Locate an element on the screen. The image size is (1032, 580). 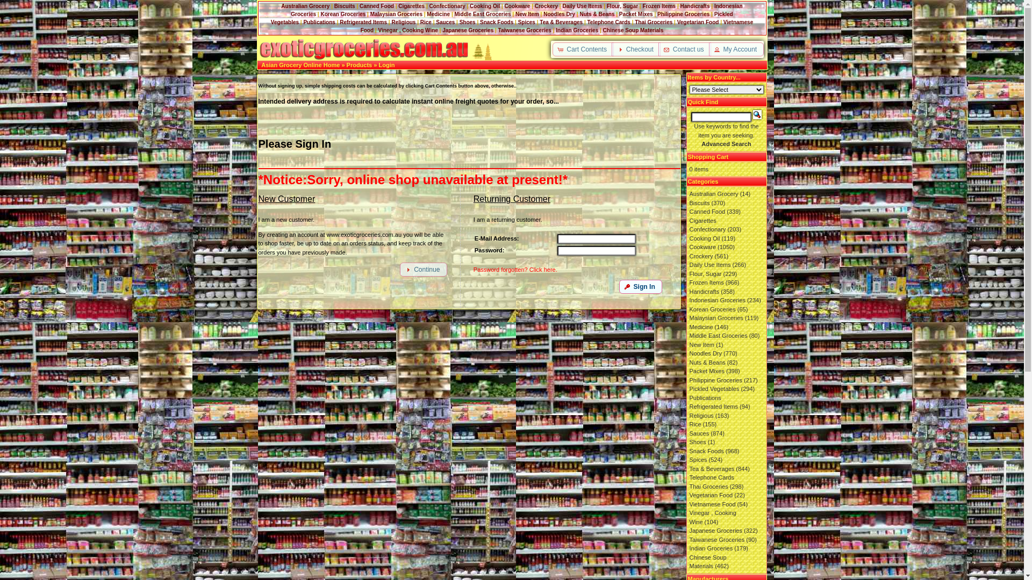
'Snack Foods' is located at coordinates (496, 22).